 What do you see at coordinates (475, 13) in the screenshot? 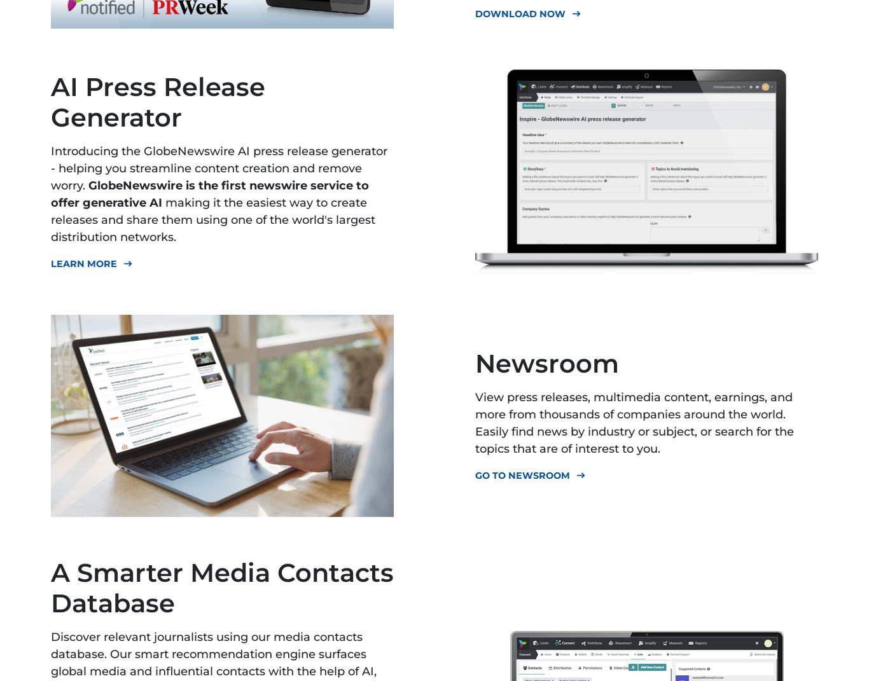
I see `'Download Now'` at bounding box center [475, 13].